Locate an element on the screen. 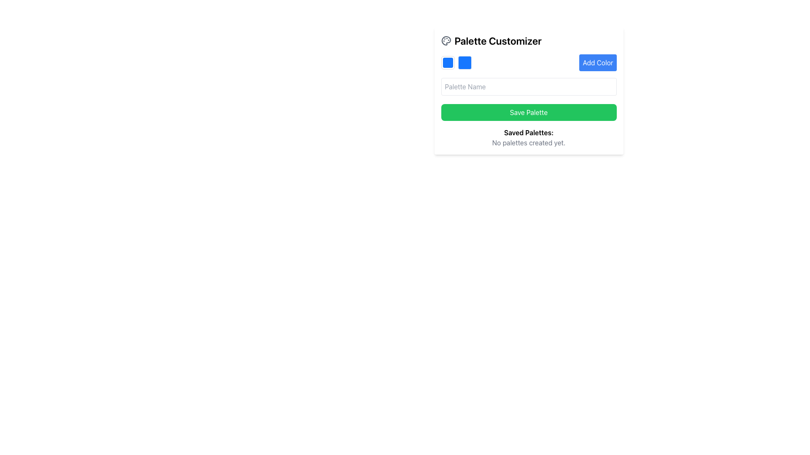 Image resolution: width=810 pixels, height=455 pixels. the save button located directly below the 'Palette Name' text input field to observe its hover effect is located at coordinates (528, 112).